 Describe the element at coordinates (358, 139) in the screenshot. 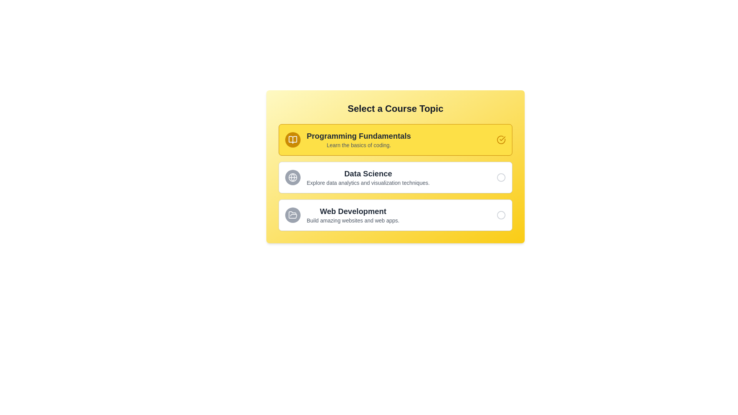

I see `descriptive text block titled 'Programming Fundamentals' located in the center of a yellow card component, which is the main text of the first course topic option` at that location.